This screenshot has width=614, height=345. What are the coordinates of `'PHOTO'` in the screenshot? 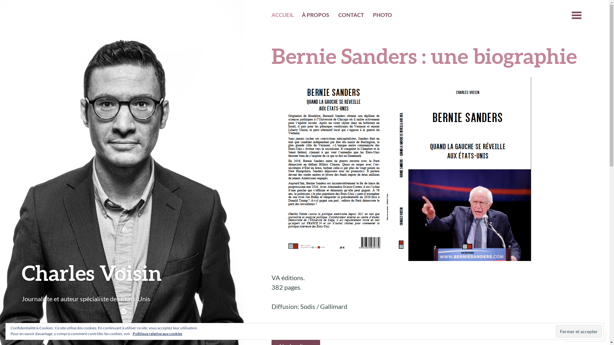 It's located at (382, 16).